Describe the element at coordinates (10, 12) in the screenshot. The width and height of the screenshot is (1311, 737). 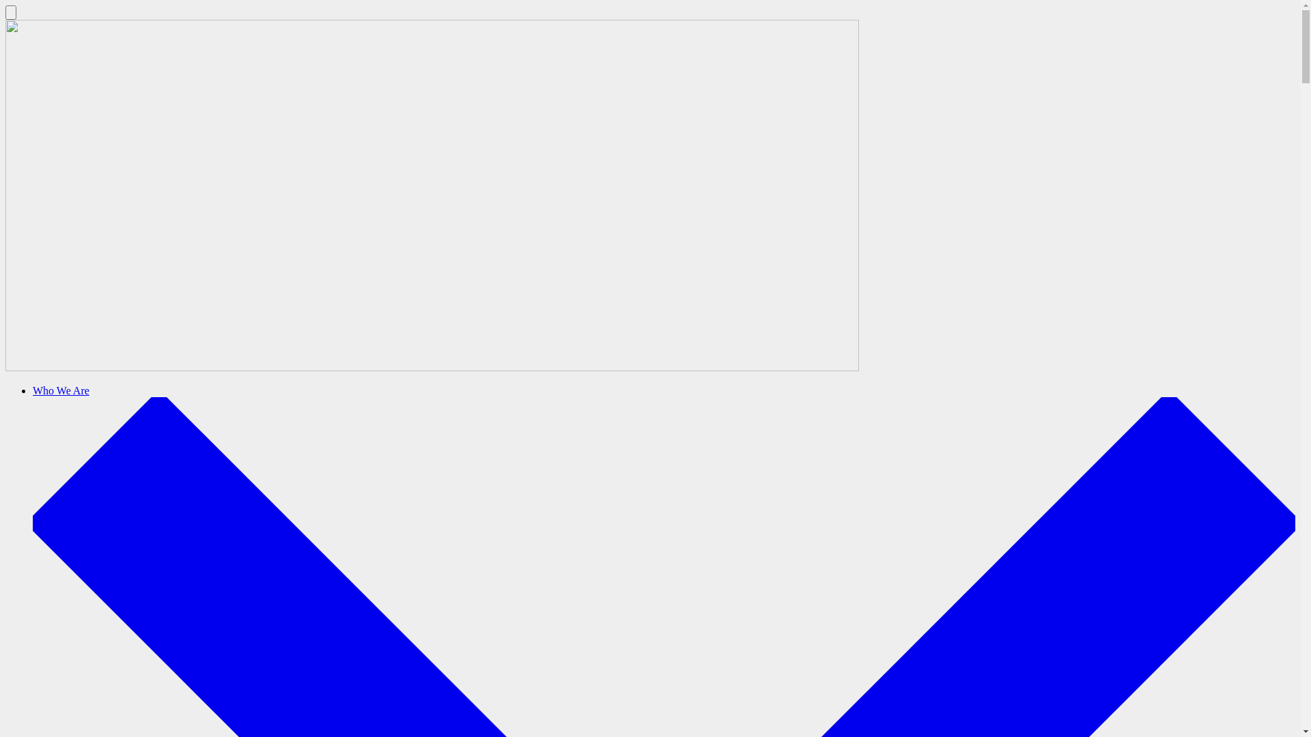
I see `'Search Toggle'` at that location.